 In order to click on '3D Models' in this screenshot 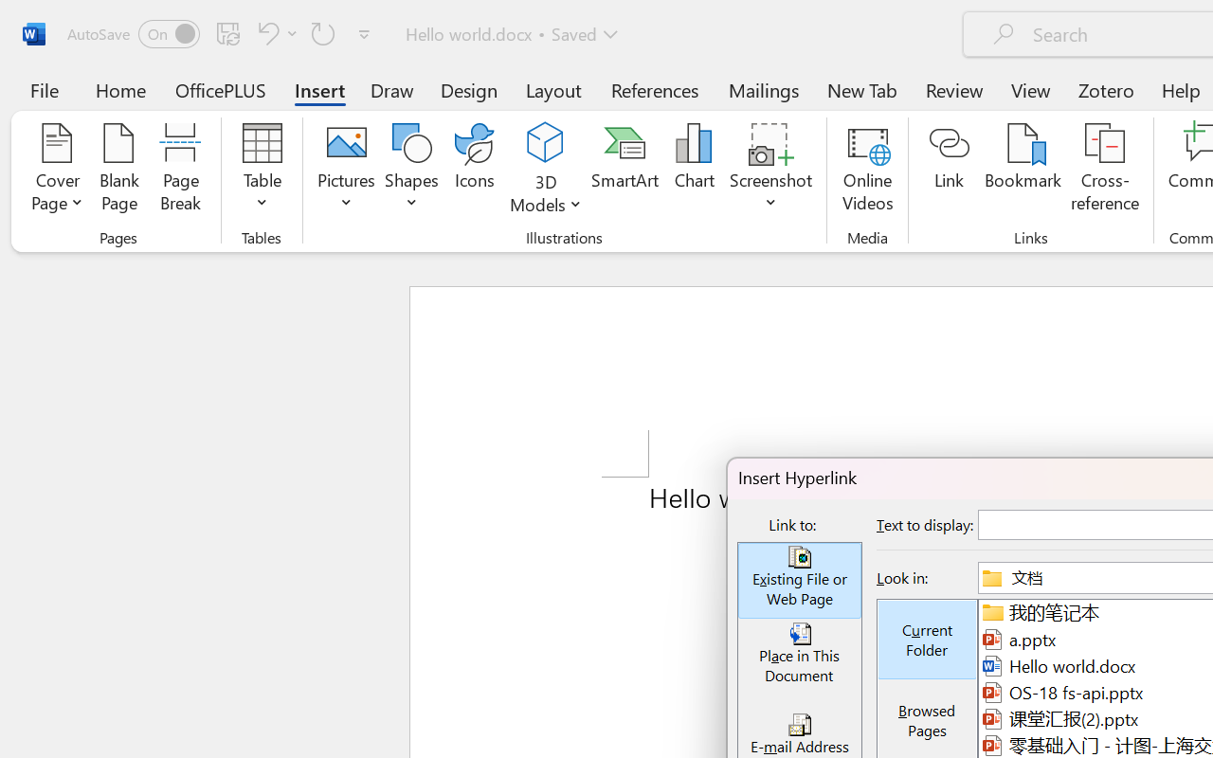, I will do `click(545, 170)`.